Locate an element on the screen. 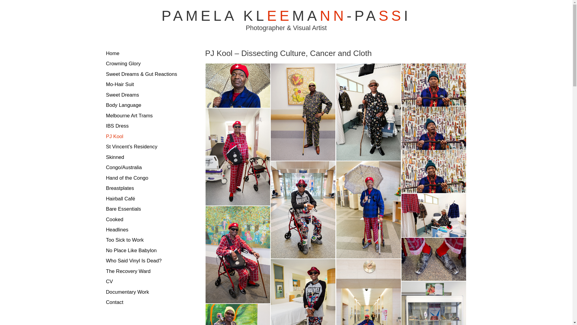 The height and width of the screenshot is (325, 577). 'Home' is located at coordinates (143, 53).